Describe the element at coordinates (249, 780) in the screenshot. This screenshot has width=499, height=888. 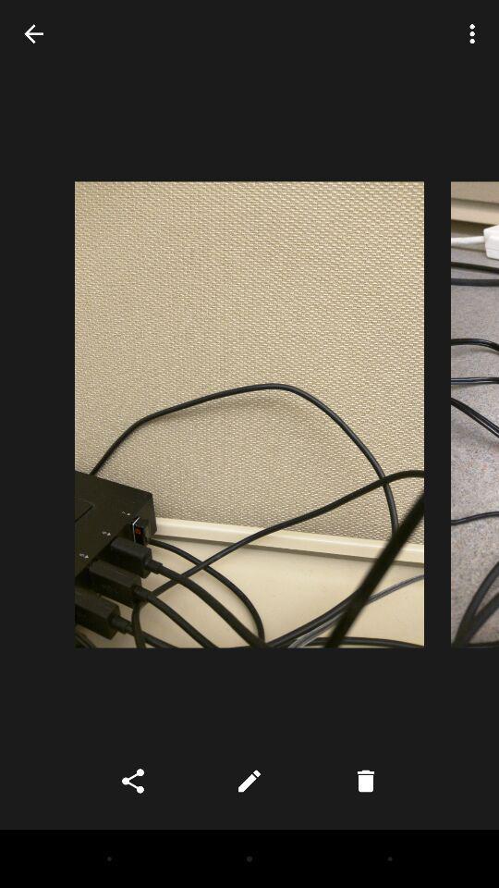
I see `the edit icon` at that location.